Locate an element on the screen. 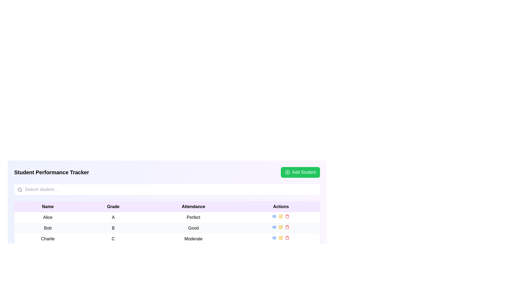 This screenshot has width=515, height=290. the text label displaying 'Actions' in bold font style, located in the upper-right section of the table header is located at coordinates (281, 206).